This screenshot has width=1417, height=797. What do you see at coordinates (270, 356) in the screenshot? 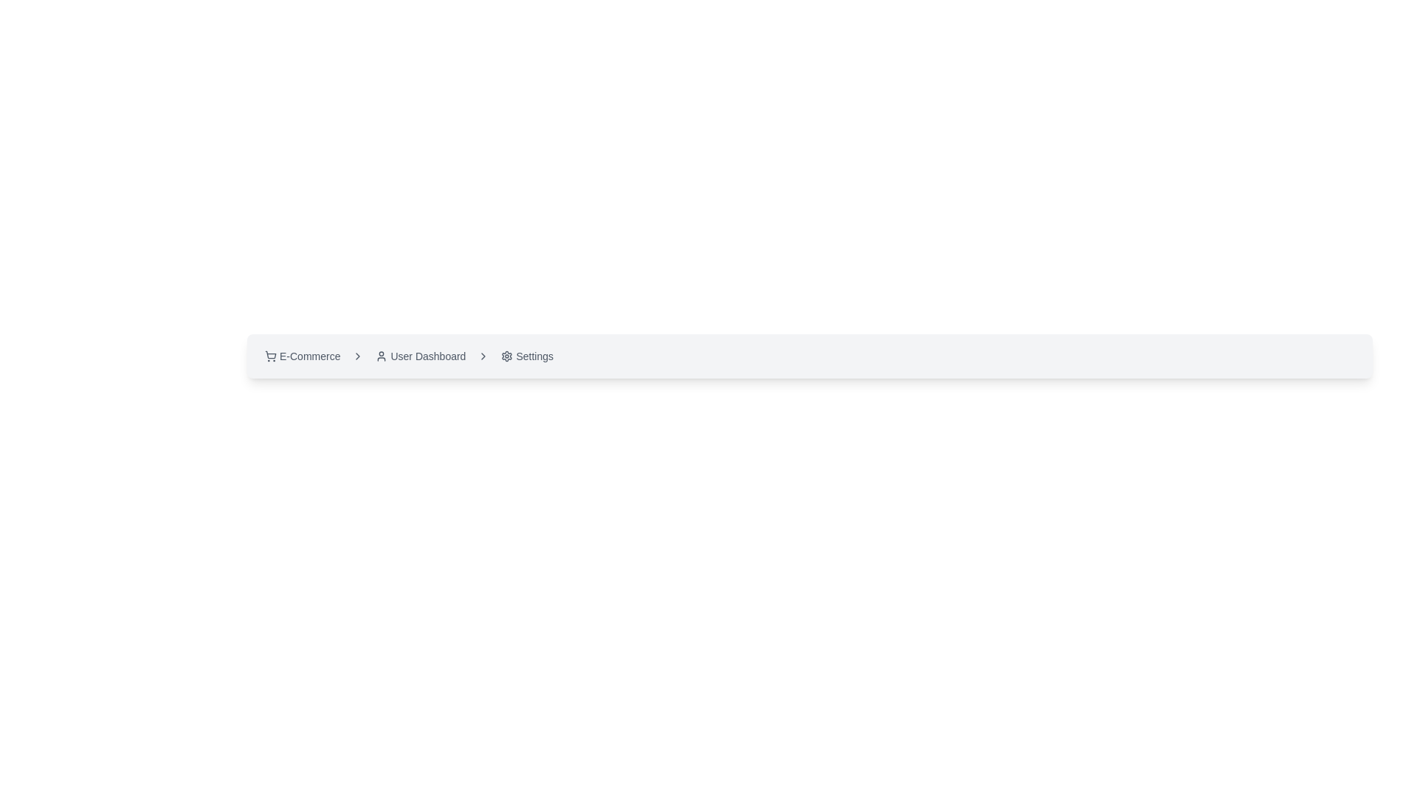
I see `the e-commerce icon located in the breadcrumb bar, which visually represents the e-commerce section of the application` at bounding box center [270, 356].